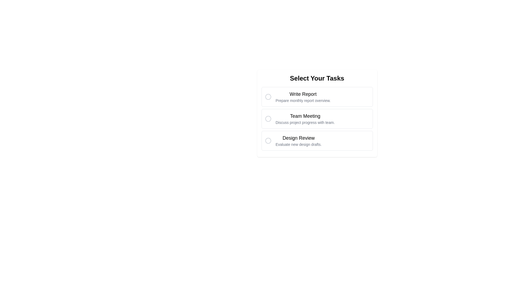 This screenshot has width=514, height=289. What do you see at coordinates (298, 144) in the screenshot?
I see `the text element that reads 'Evaluate new design drafts.', which is styled in a small gray font and located below the 'Design Review' heading` at bounding box center [298, 144].